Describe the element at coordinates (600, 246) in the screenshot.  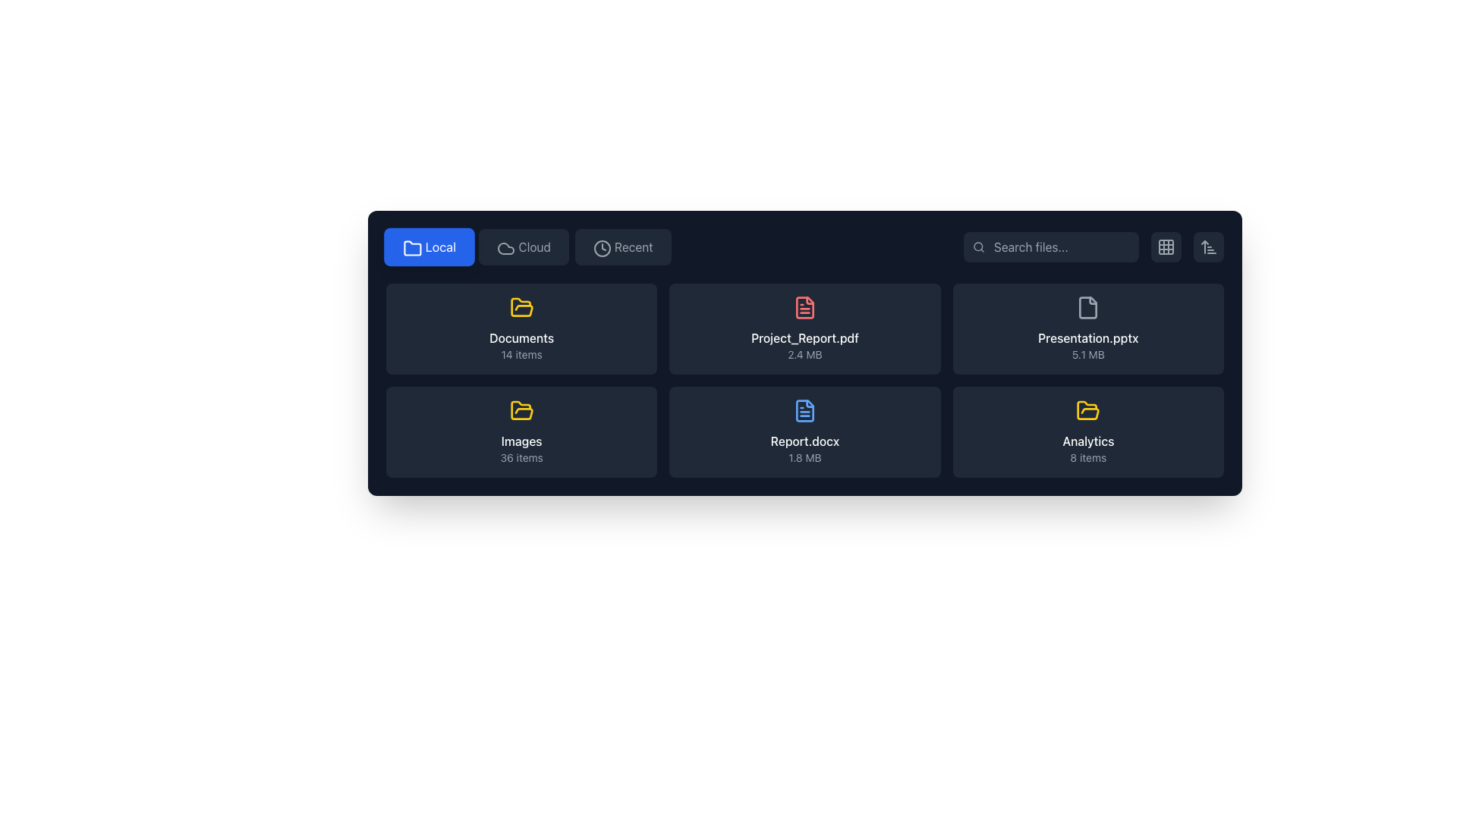
I see `the 'Recent' button, which contains a circular clock icon with a grey outline and a clock hand, located in the top navigation bar` at that location.